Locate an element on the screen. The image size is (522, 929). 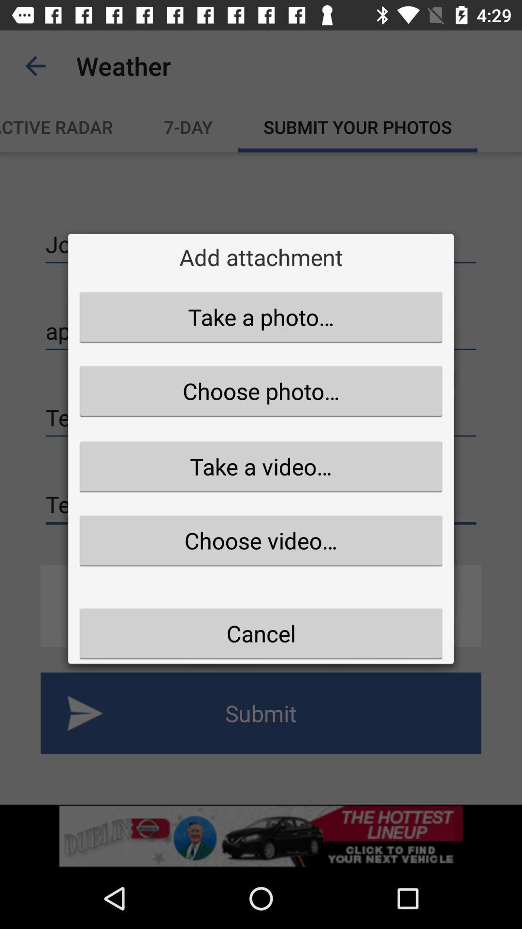
the cancel icon is located at coordinates (261, 633).